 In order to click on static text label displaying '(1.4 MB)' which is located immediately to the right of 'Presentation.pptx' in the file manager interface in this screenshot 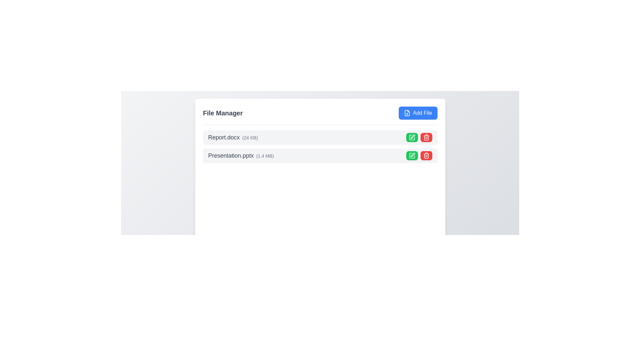, I will do `click(265, 156)`.